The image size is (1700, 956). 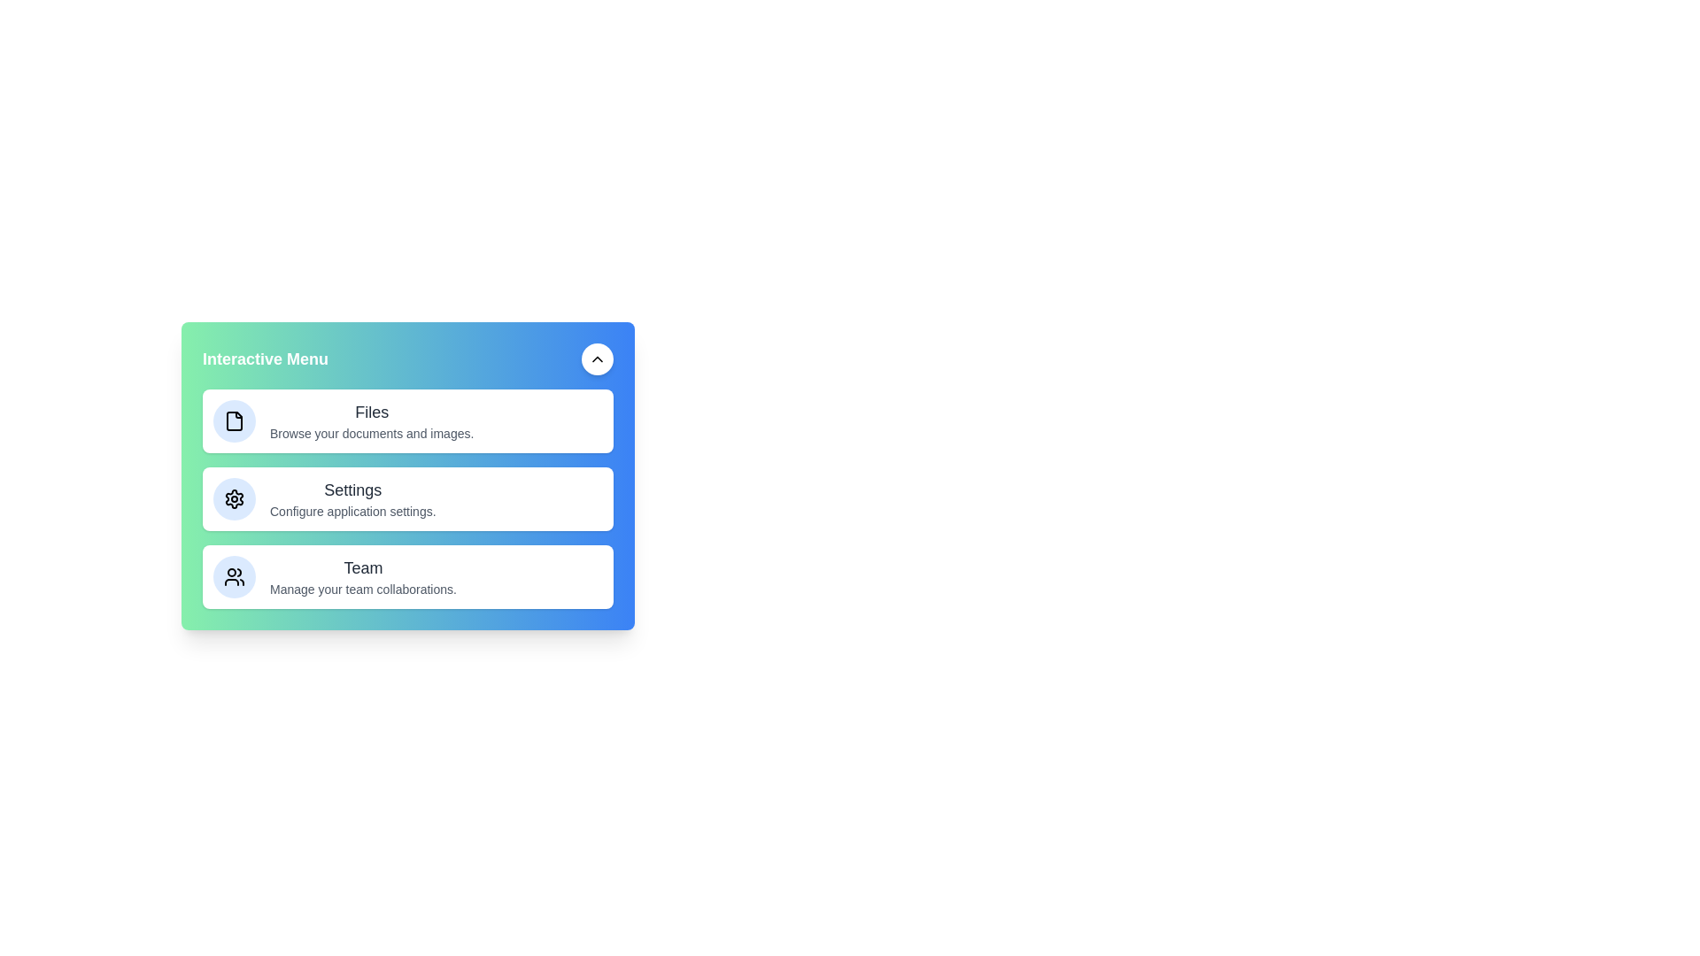 I want to click on the arrow button to toggle the menu visibility, so click(x=598, y=358).